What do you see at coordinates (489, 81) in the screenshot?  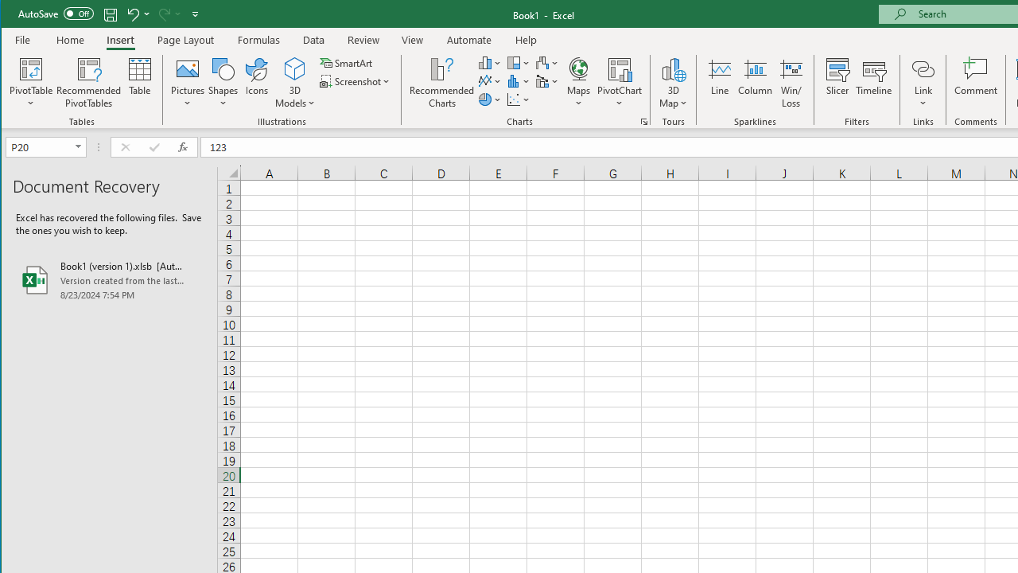 I see `'Insert Line or Area Chart'` at bounding box center [489, 81].